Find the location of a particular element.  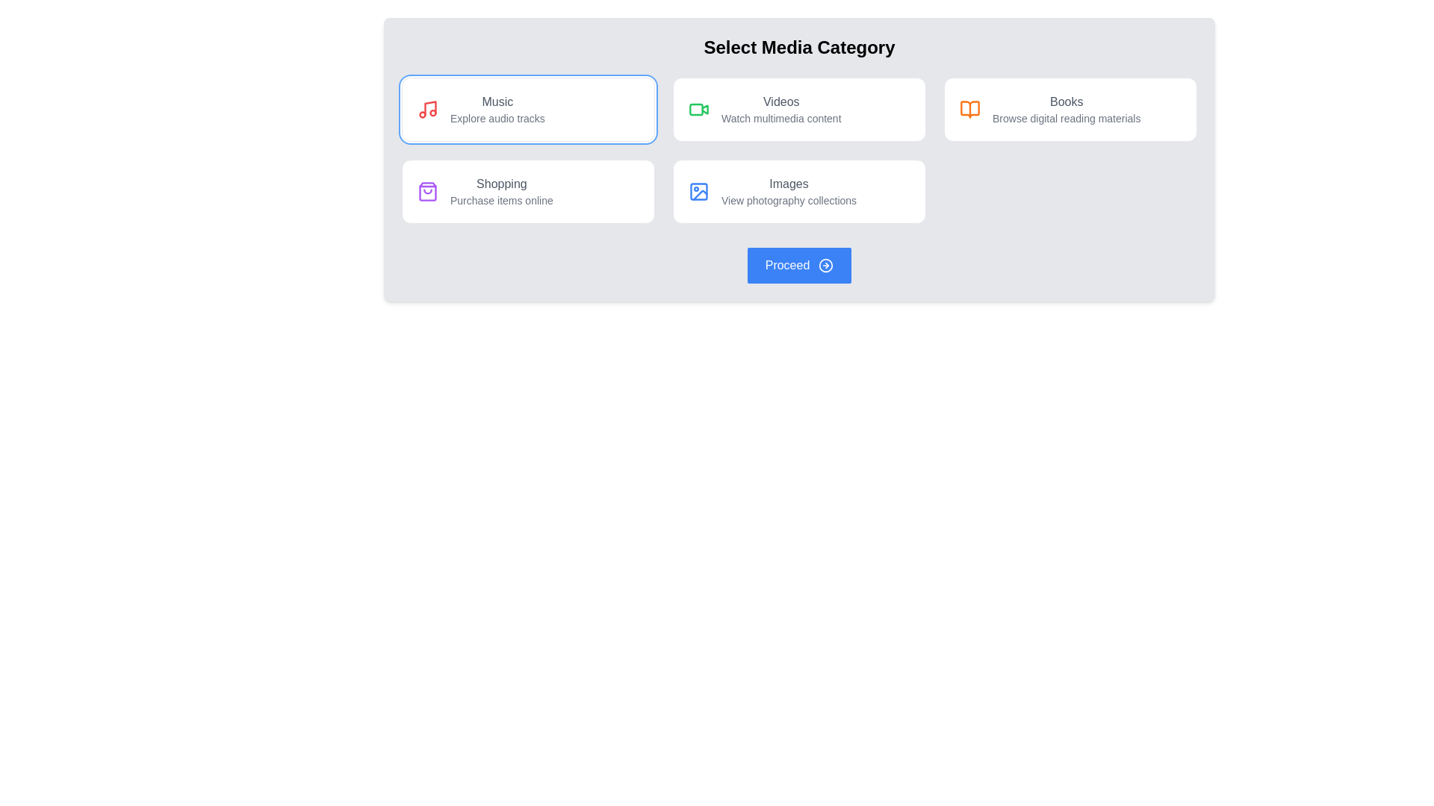

the label displaying 'Watch multimedia content', which is styled in a smaller light gray font and positioned below the title 'Videos' in the top-right section of the grid layout is located at coordinates (780, 117).